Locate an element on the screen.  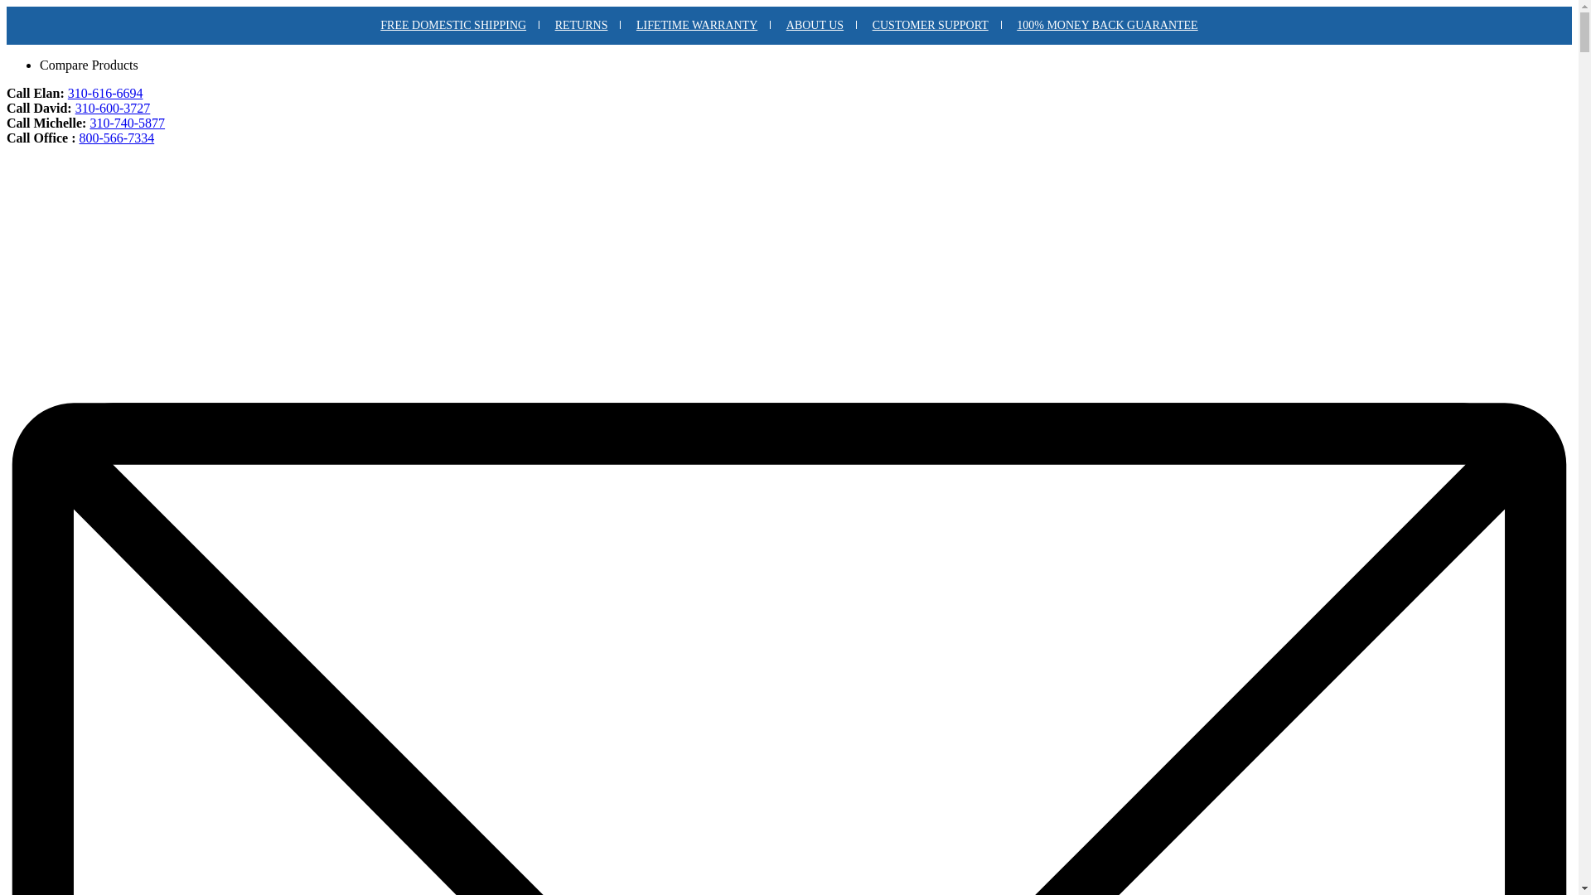
'FREE DOMESTIC SHIPPING' is located at coordinates (453, 25).